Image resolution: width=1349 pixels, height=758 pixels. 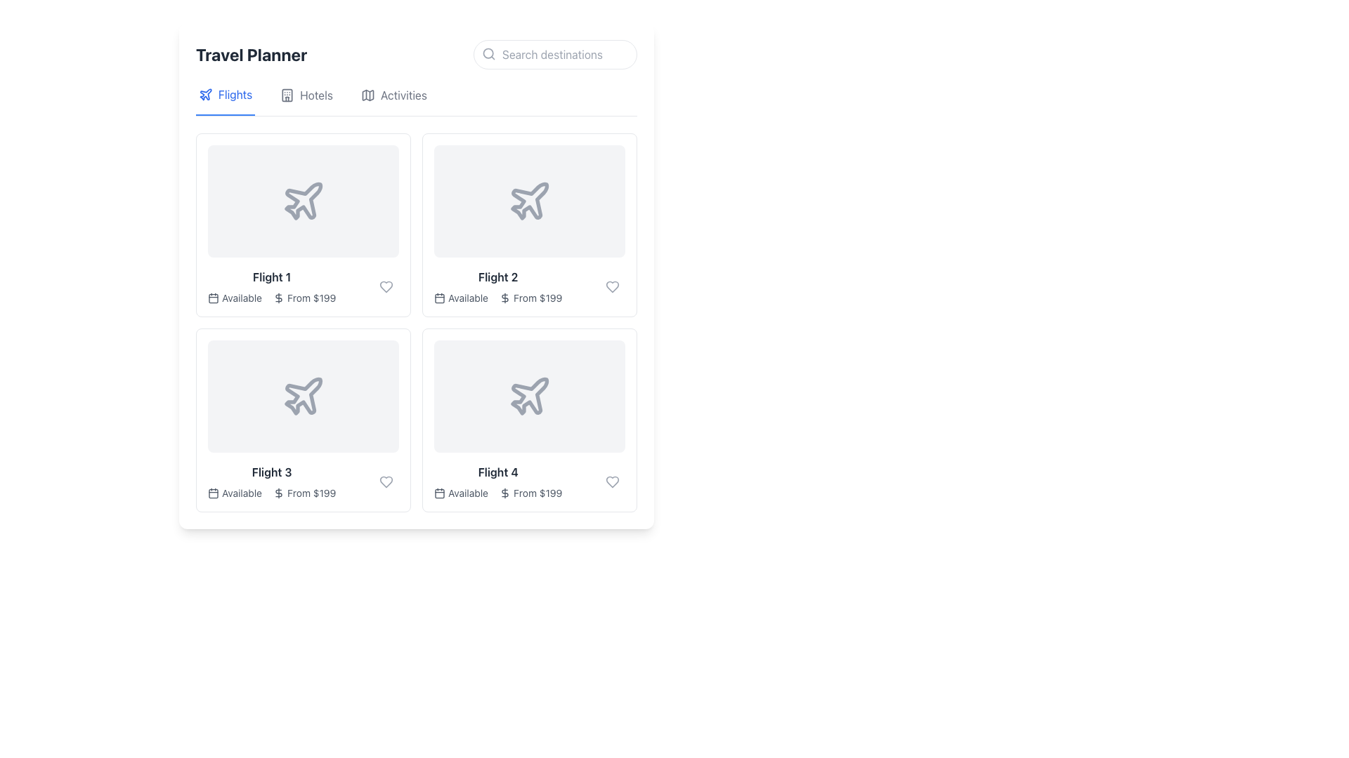 What do you see at coordinates (386, 481) in the screenshot?
I see `the heart-shaped outline icon located at the bottom-right corner of the 'Flight 3' card in the 'Travel Planner' interface` at bounding box center [386, 481].